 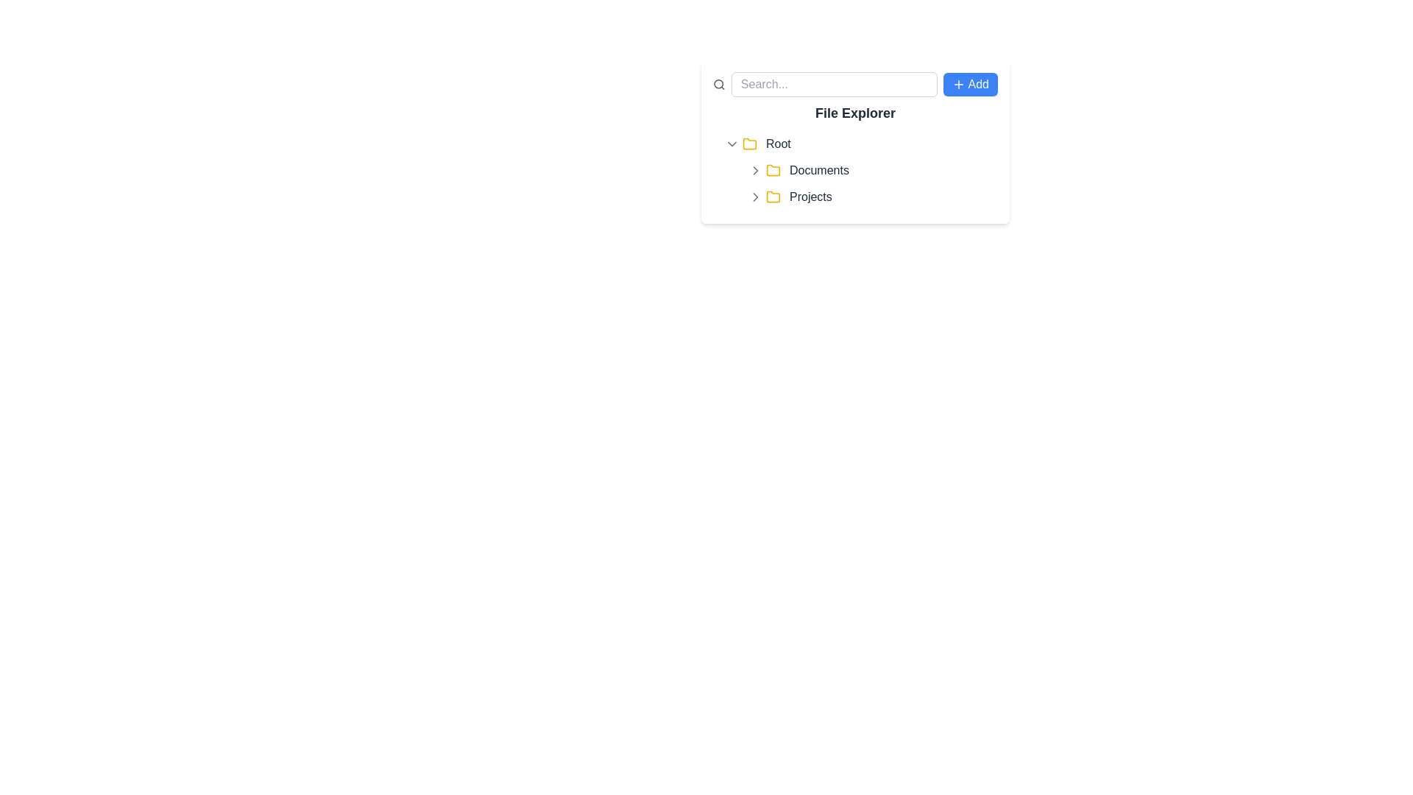 What do you see at coordinates (756, 169) in the screenshot?
I see `the expansion icon for the 'Documents' section in the file explorer` at bounding box center [756, 169].